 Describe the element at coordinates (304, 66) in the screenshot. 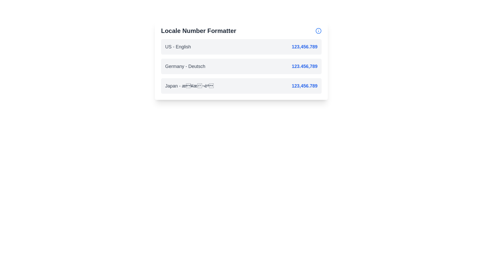

I see `the text displaying the value '123.456,789' in bold blue font, which is aligned with the column of formatted numbers and located to the right of the label 'Germany - Deutsch'` at that location.